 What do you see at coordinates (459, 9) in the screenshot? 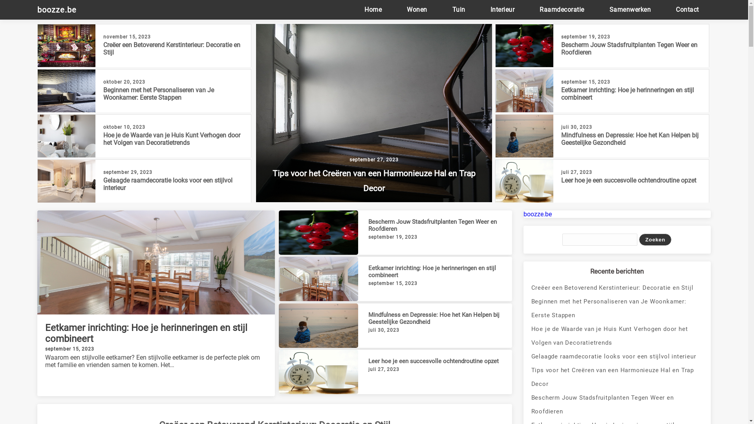
I see `'Tuin'` at bounding box center [459, 9].